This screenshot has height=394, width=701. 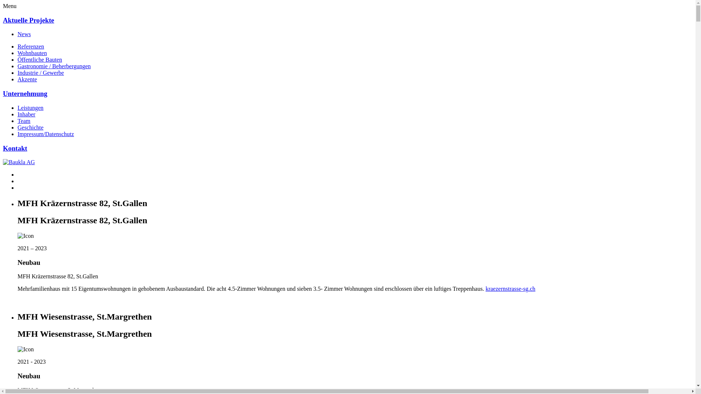 I want to click on 'Leistungen', so click(x=30, y=108).